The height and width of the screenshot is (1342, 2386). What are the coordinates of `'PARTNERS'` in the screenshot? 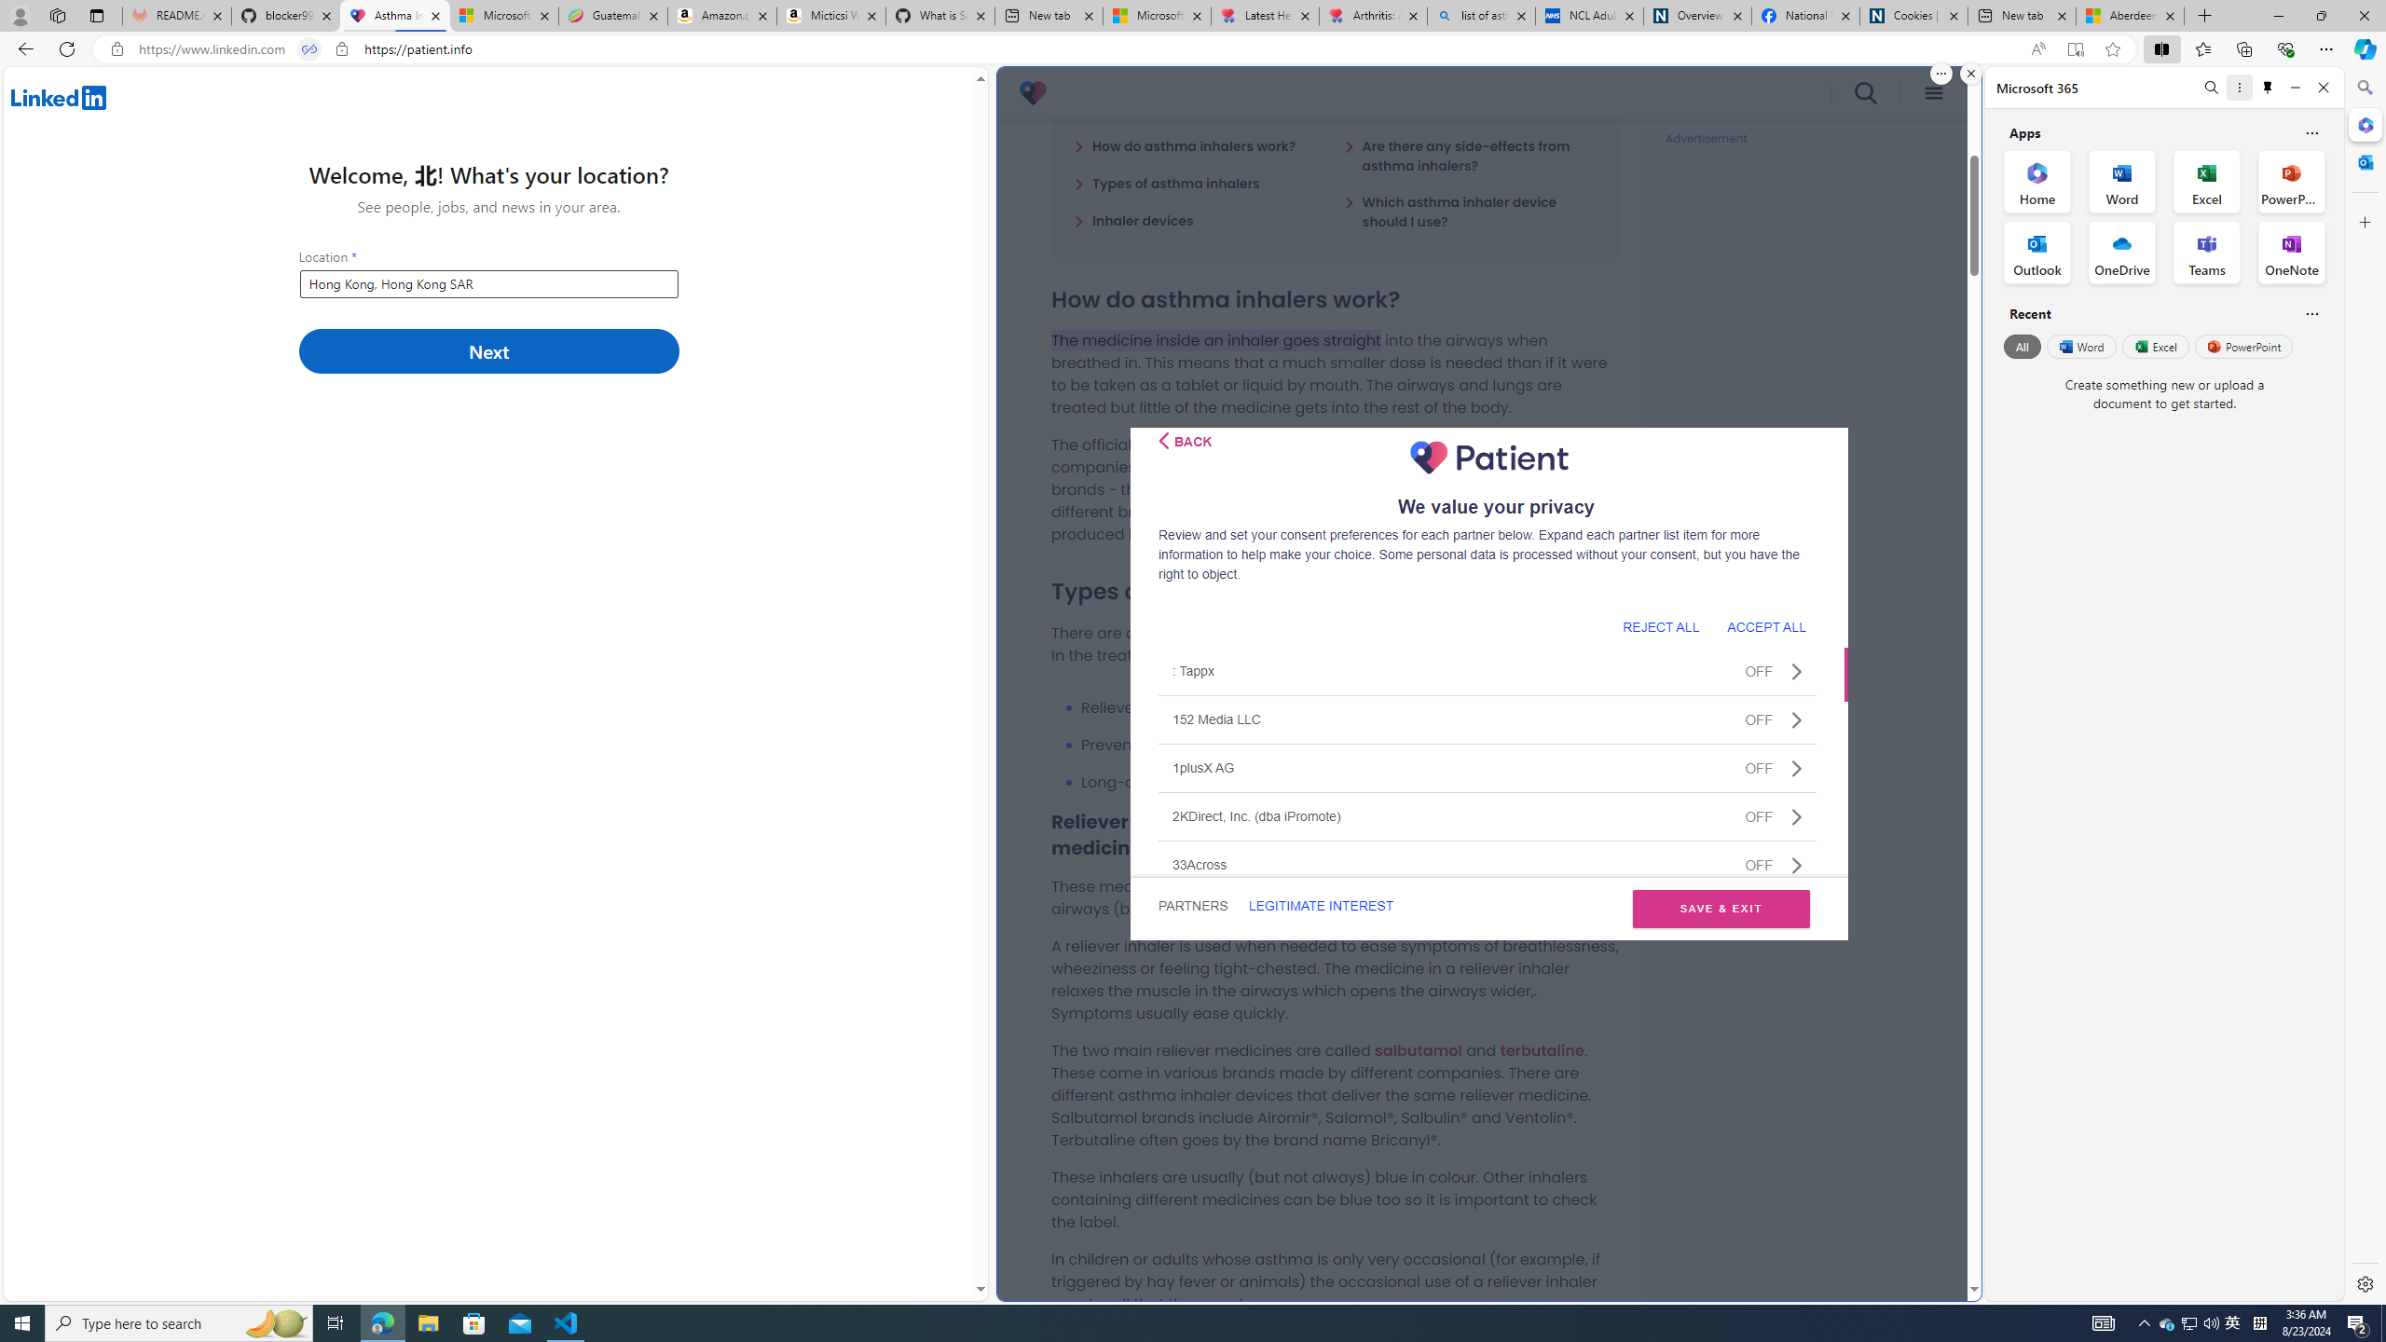 It's located at (1193, 906).